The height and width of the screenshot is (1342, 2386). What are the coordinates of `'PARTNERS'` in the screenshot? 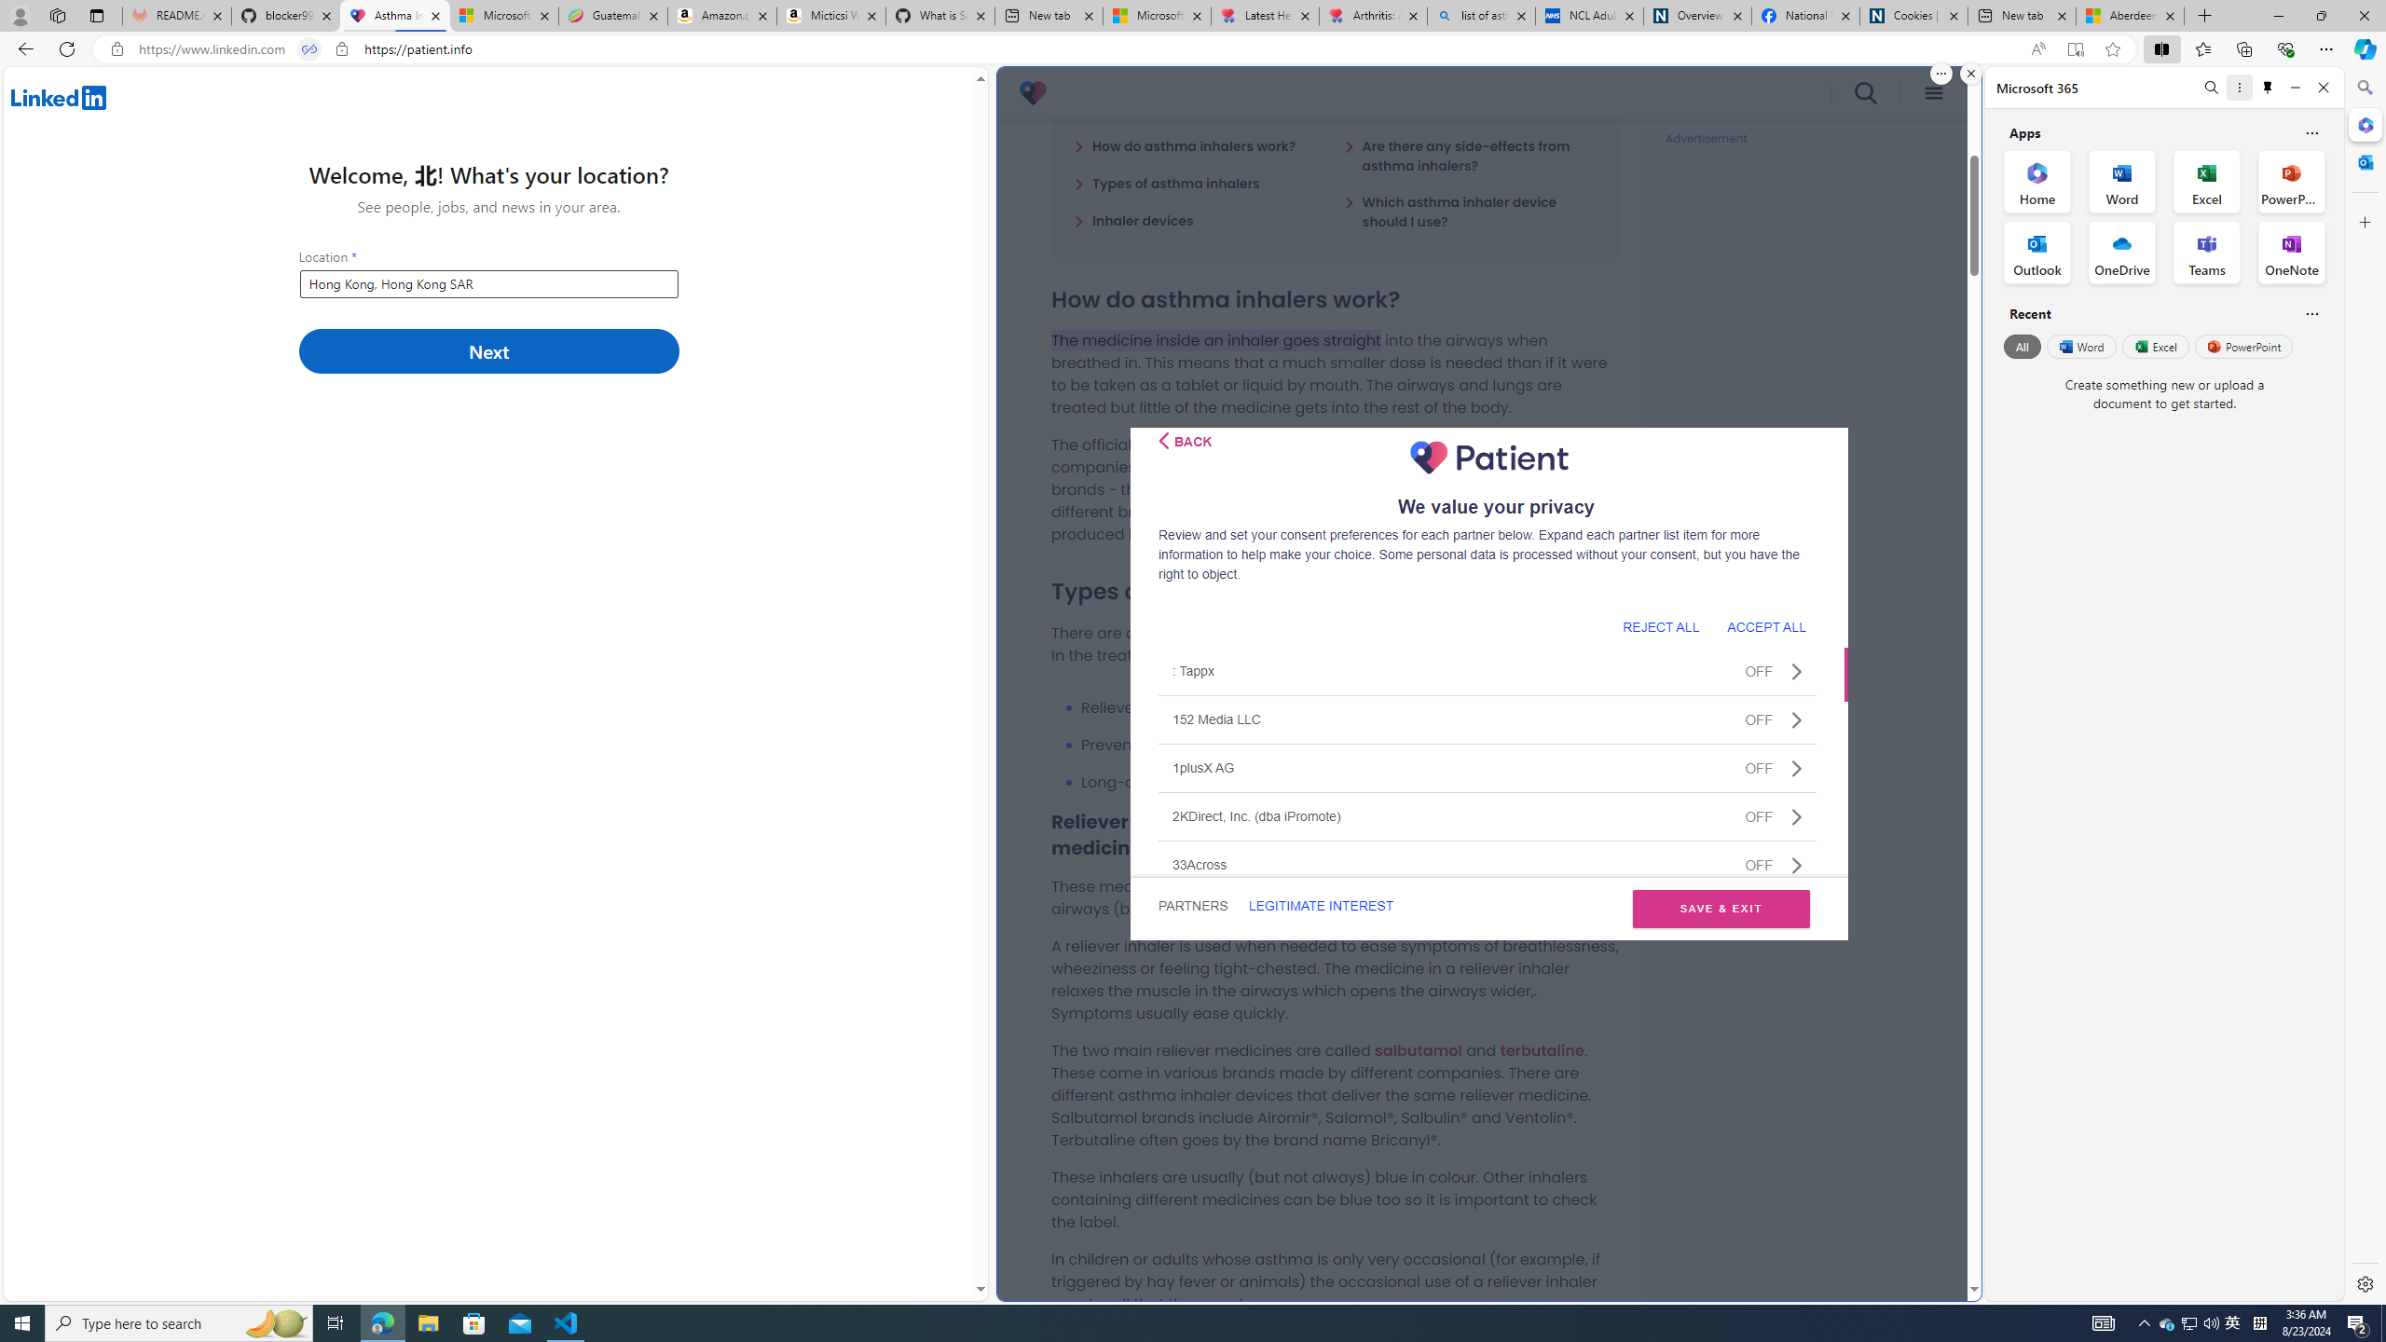 It's located at (1193, 906).